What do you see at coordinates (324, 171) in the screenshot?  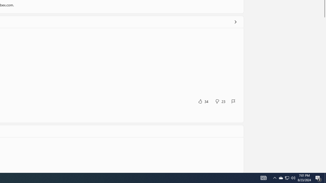 I see `'Vertical Small Increase'` at bounding box center [324, 171].